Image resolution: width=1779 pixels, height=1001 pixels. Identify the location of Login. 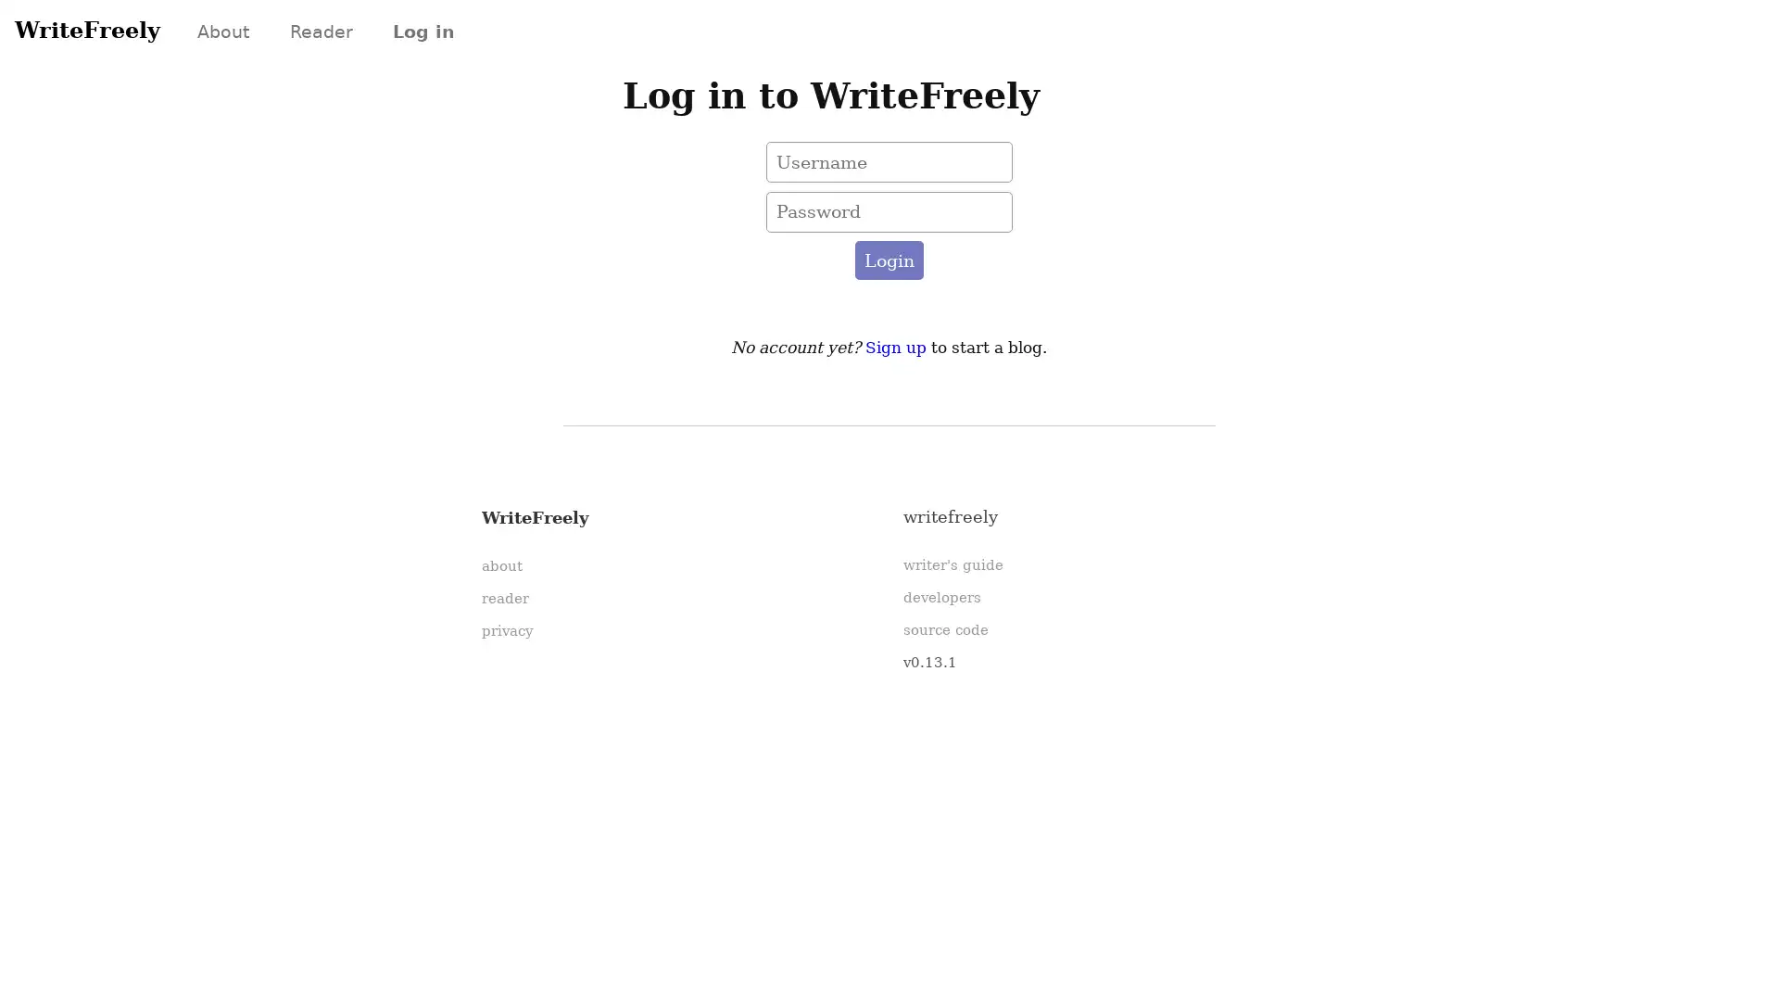
(888, 260).